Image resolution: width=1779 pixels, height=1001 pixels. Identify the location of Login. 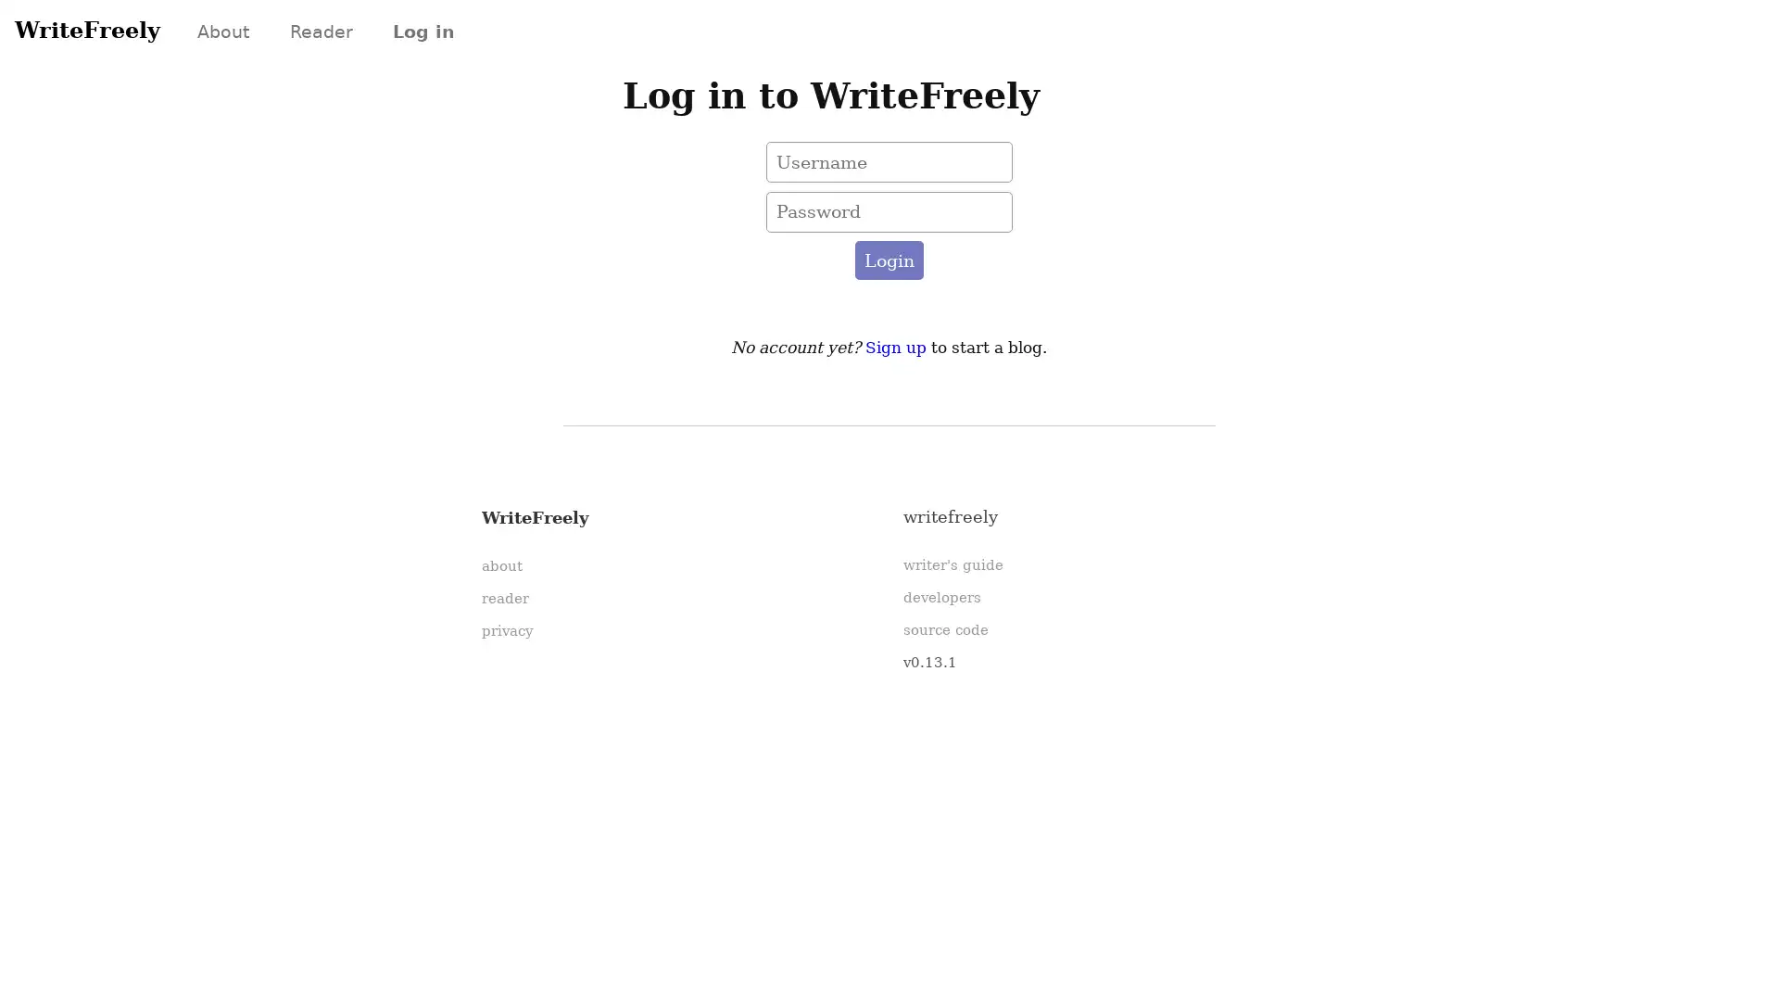
(888, 260).